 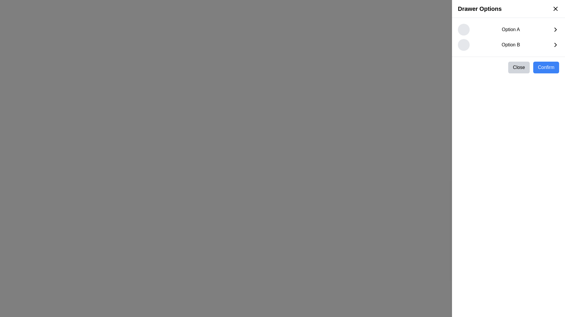 I want to click on the right-pointing chevron icon next to 'Option B' in the 'Drawer Options' sidebar, so click(x=555, y=45).